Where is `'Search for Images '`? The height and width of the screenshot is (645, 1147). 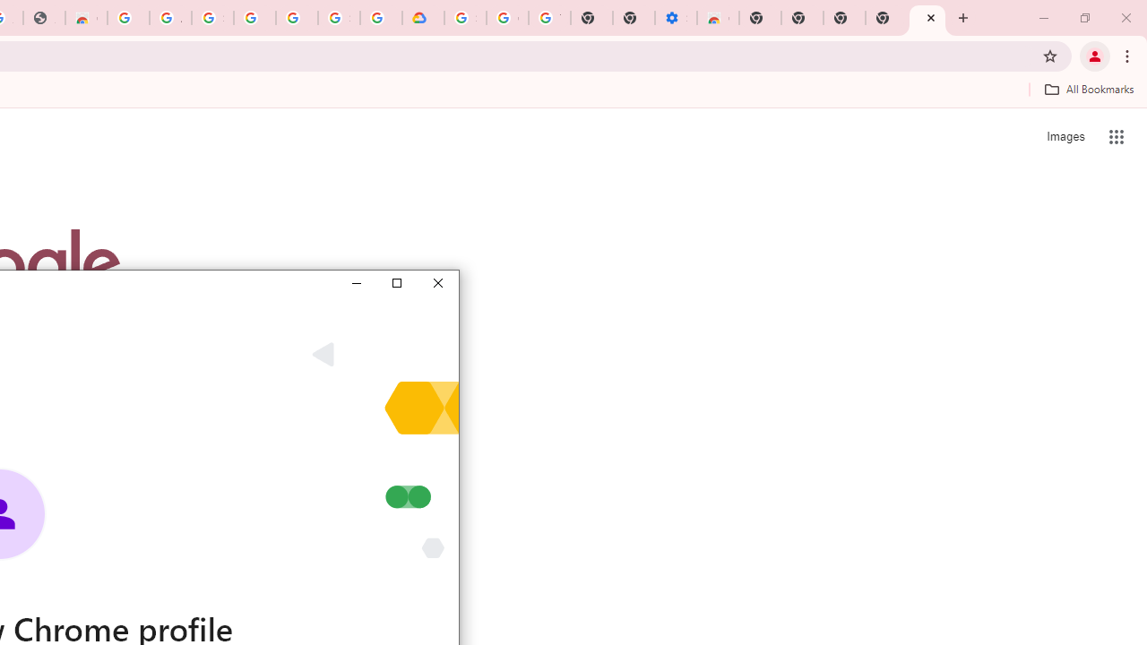
'Search for Images ' is located at coordinates (1065, 136).